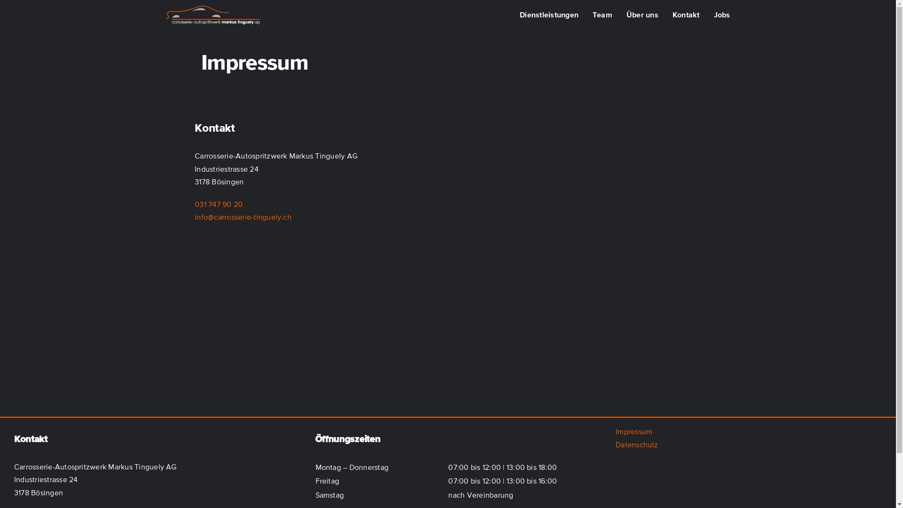 The width and height of the screenshot is (903, 508). Describe the element at coordinates (721, 15) in the screenshot. I see `'Jobs'` at that location.